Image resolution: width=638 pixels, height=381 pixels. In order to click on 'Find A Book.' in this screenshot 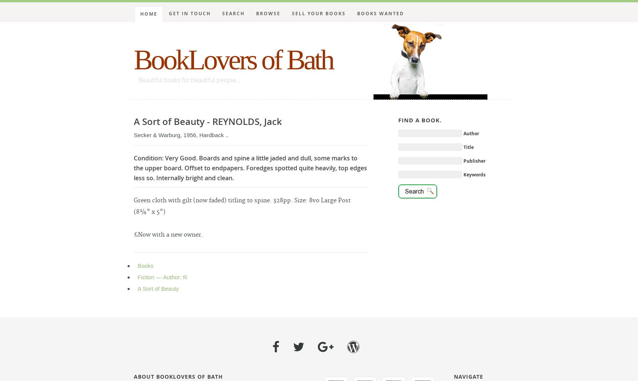, I will do `click(419, 120)`.